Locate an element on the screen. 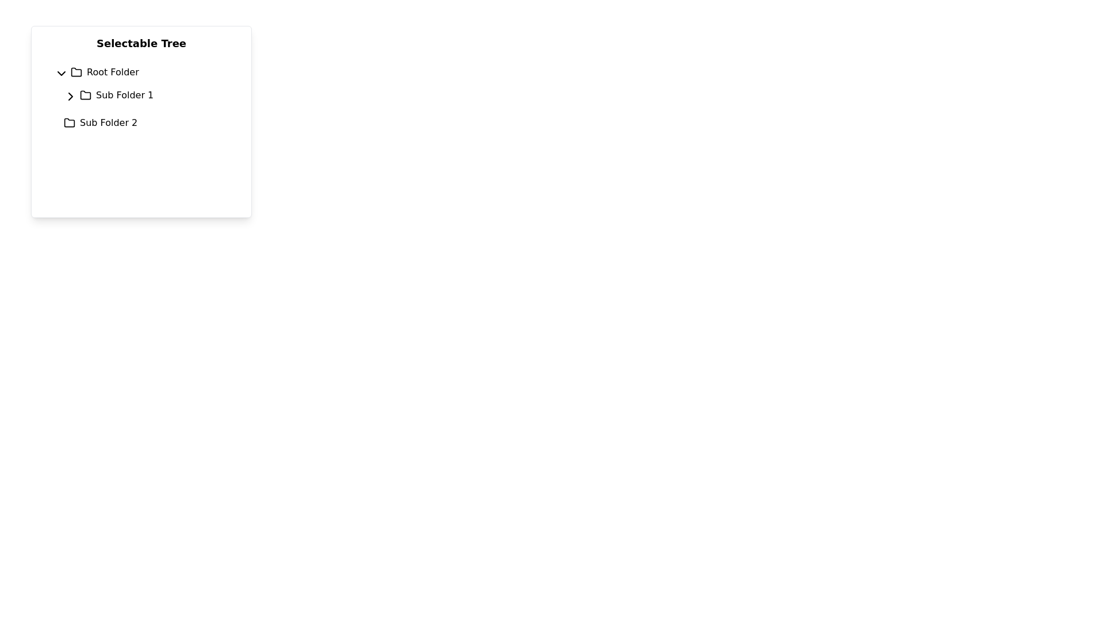 The width and height of the screenshot is (1104, 621). the chevron arrow icon pointing to the right next to 'Sub Folder 1' is located at coordinates (70, 96).